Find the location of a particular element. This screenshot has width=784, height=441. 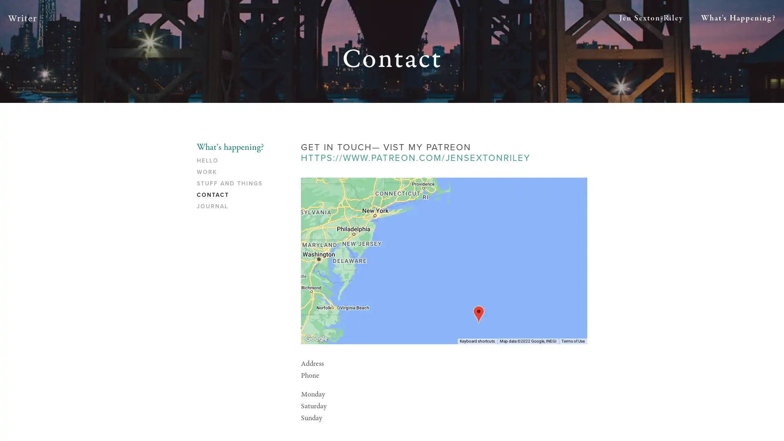

Keyboard shortcuts is located at coordinates (477, 341).